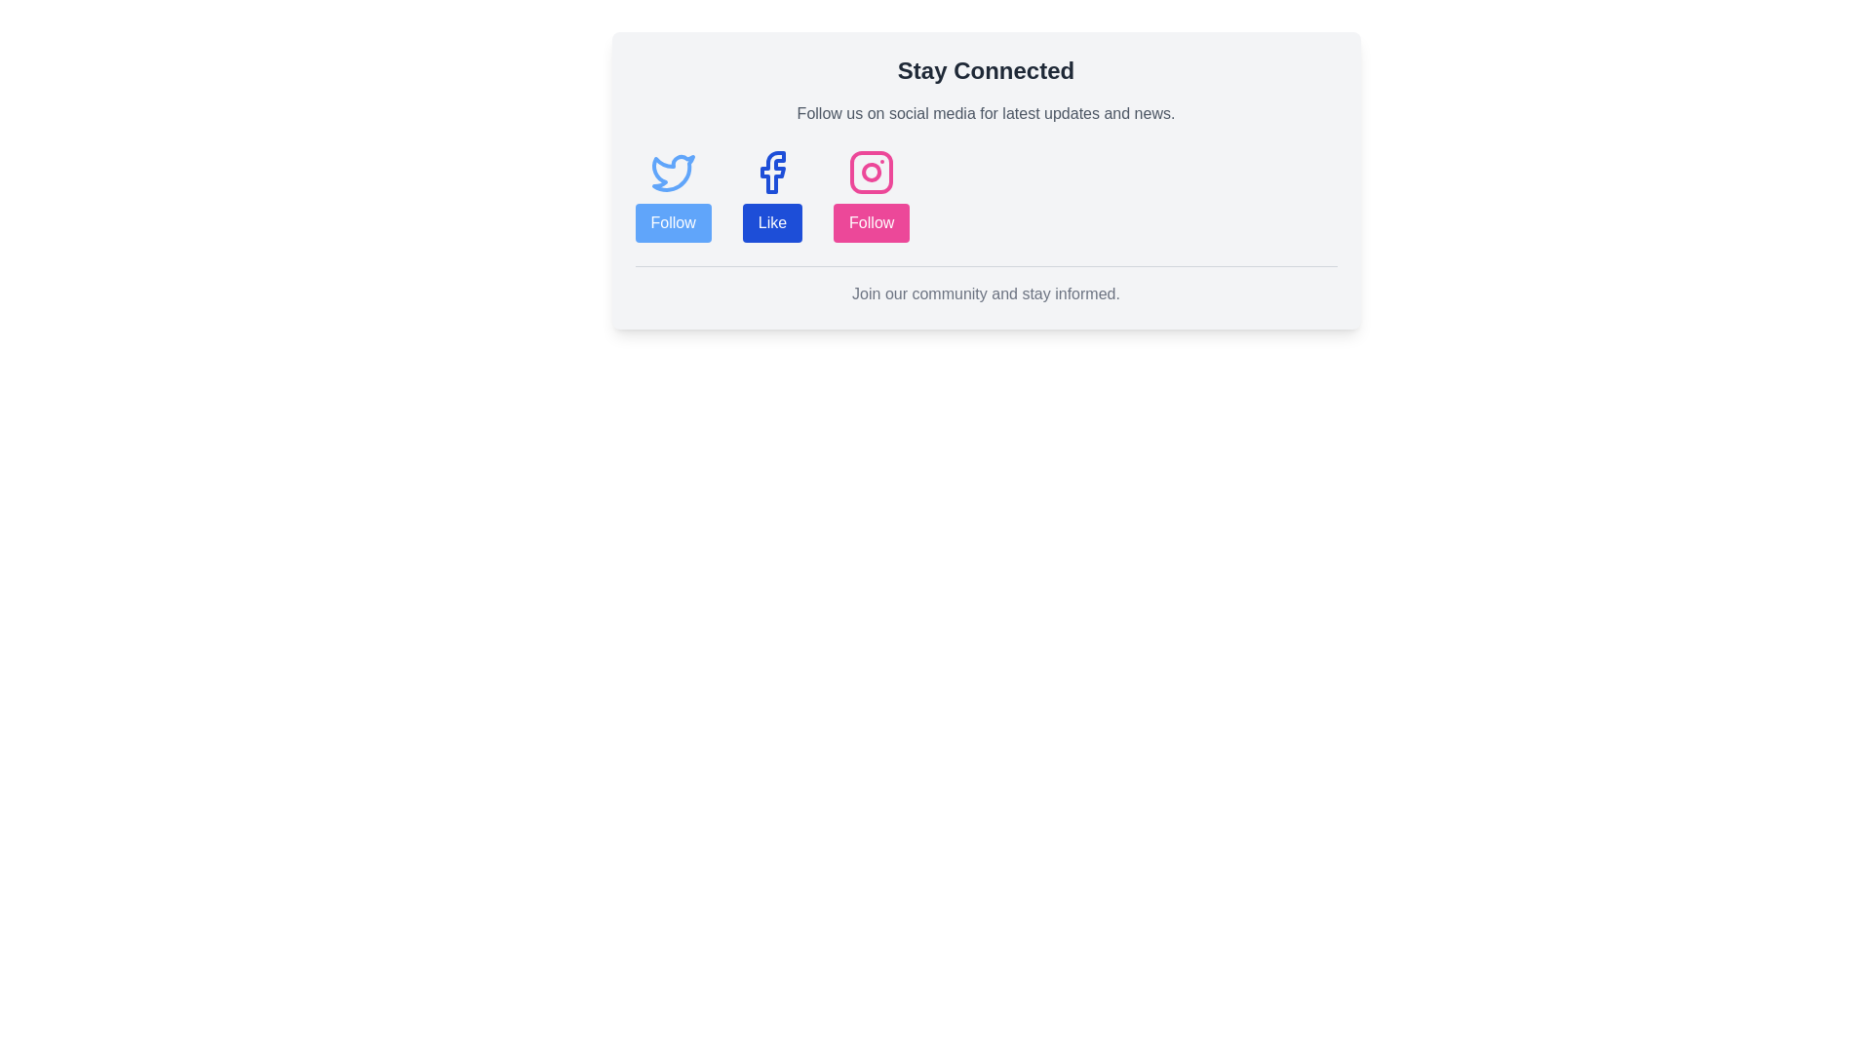 The width and height of the screenshot is (1872, 1053). I want to click on the Facebook icon, characterized by its blue color and minimalist 'f' logo design, located centrally on the page below the 'Stay Connected' heading, so click(771, 172).